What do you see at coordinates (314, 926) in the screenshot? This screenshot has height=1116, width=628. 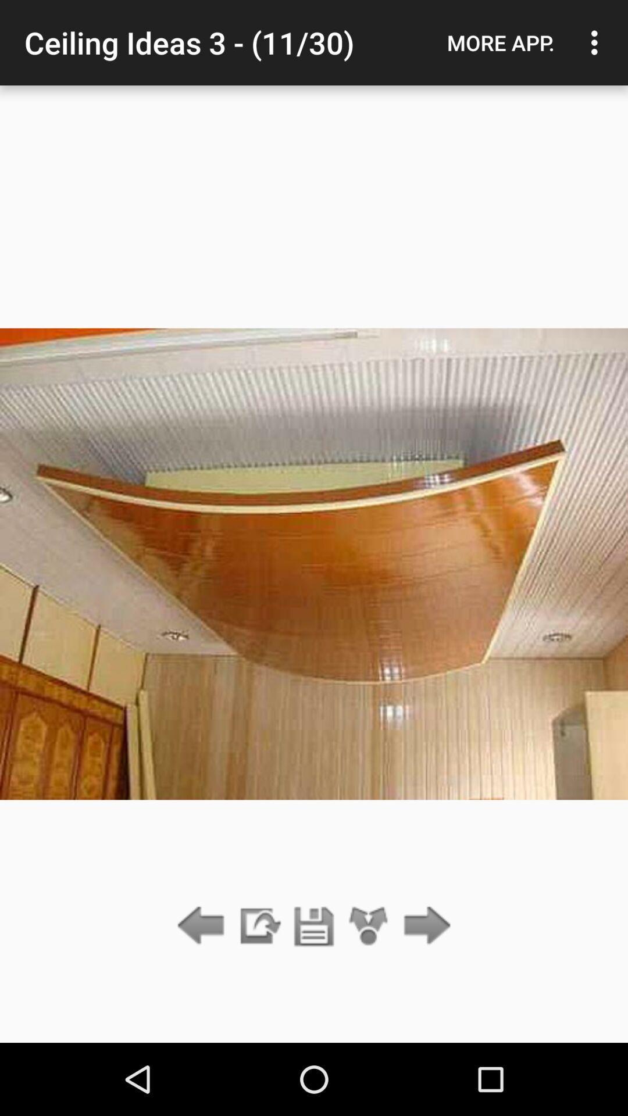 I see `picture` at bounding box center [314, 926].